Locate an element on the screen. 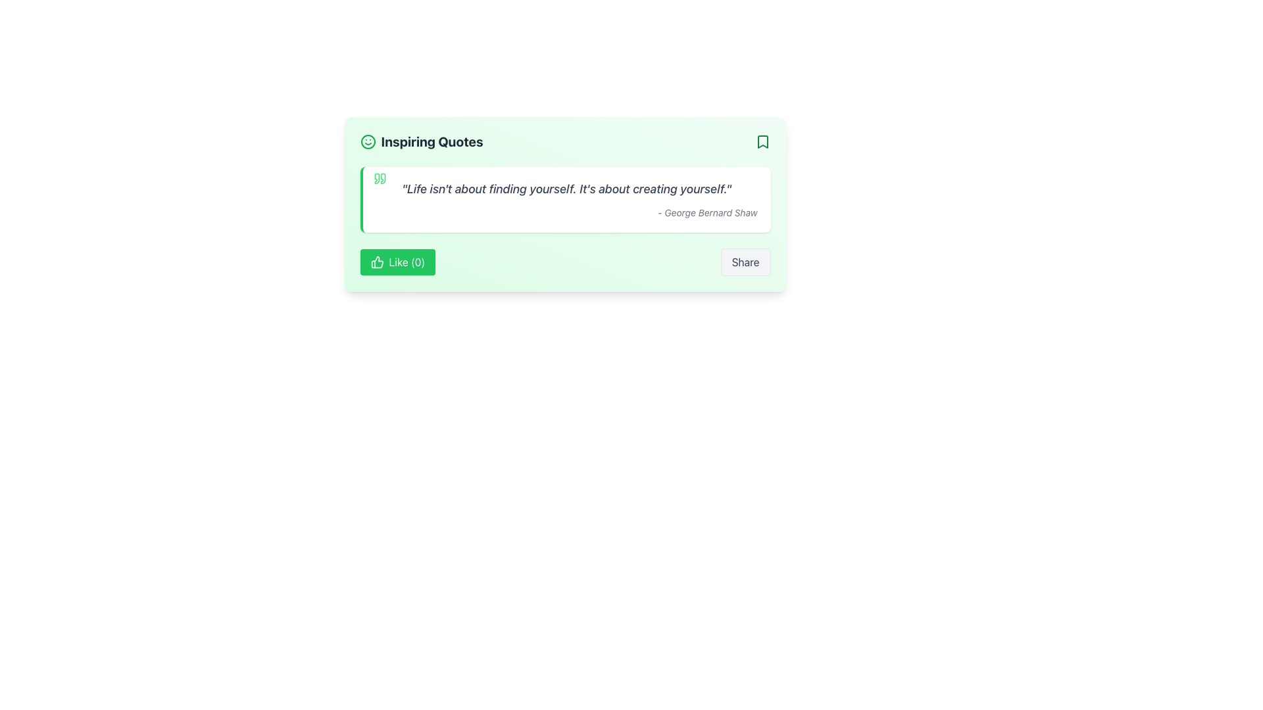 This screenshot has width=1263, height=710. the 'Like (0)' button located at the bottom-left corner of the card is located at coordinates (376, 262).